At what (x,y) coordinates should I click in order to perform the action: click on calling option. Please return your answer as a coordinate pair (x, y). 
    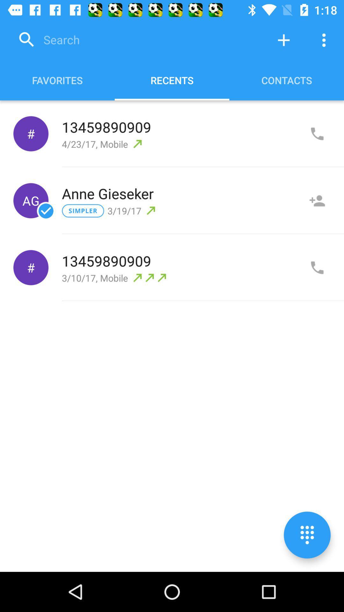
    Looking at the image, I should click on (317, 268).